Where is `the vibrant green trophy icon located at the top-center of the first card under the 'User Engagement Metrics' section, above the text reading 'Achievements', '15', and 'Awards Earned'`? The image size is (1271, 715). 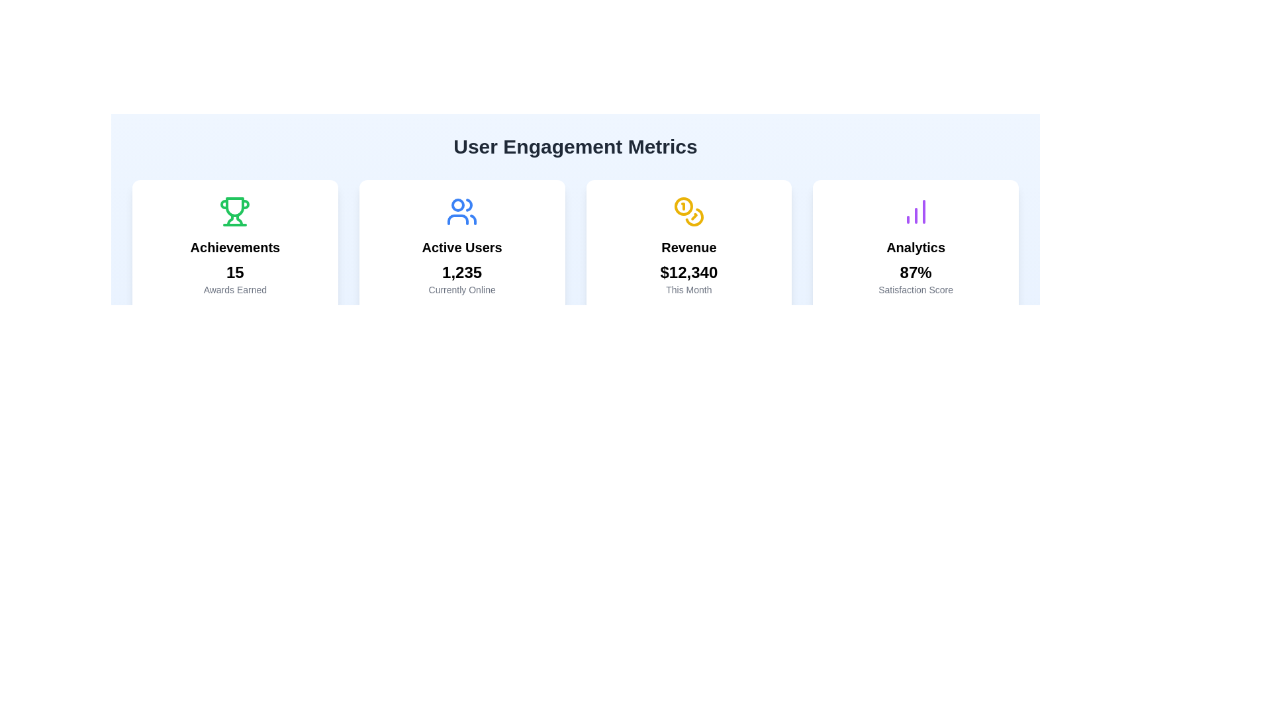
the vibrant green trophy icon located at the top-center of the first card under the 'User Engagement Metrics' section, above the text reading 'Achievements', '15', and 'Awards Earned' is located at coordinates (235, 211).